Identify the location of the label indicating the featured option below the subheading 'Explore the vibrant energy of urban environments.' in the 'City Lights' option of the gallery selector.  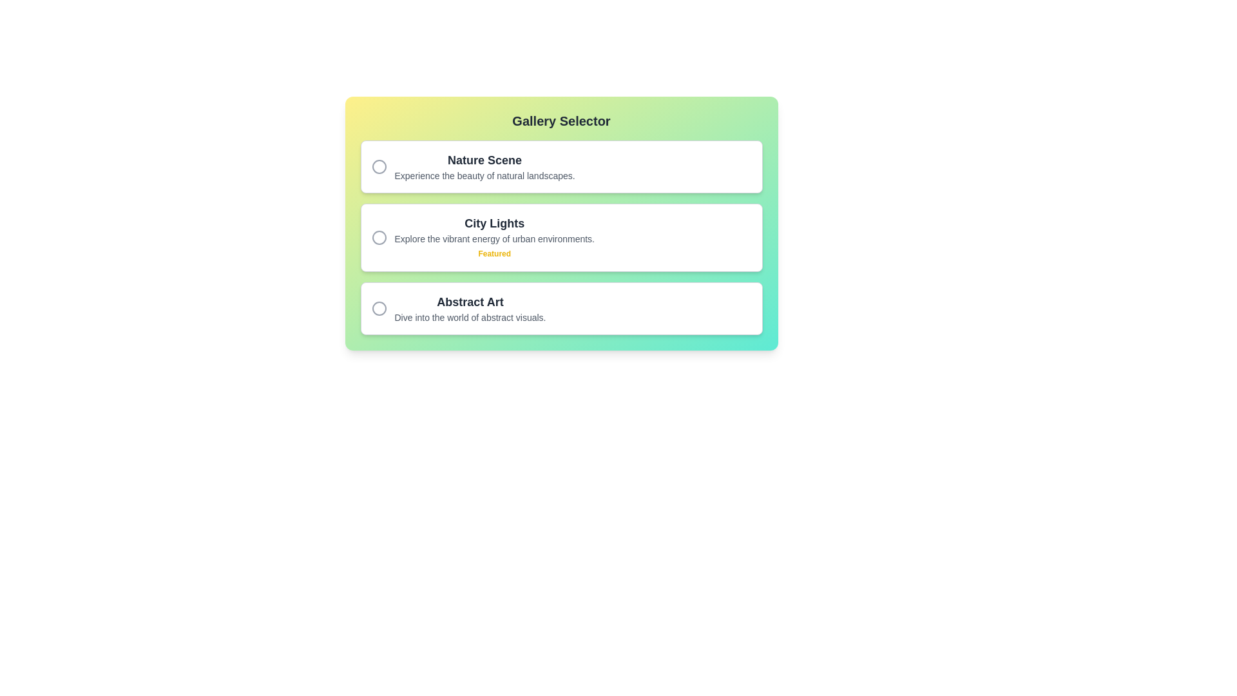
(494, 253).